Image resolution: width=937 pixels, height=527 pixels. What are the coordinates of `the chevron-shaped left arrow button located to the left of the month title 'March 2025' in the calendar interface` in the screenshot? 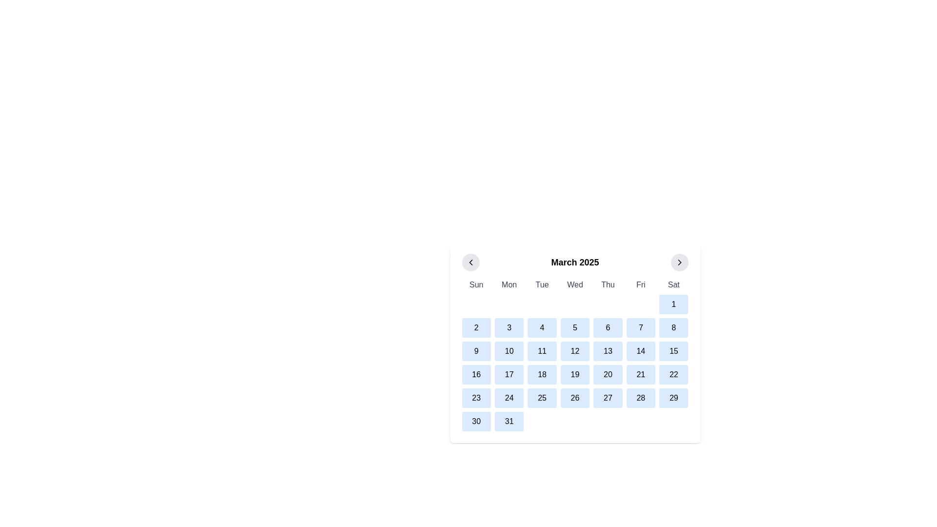 It's located at (470, 262).